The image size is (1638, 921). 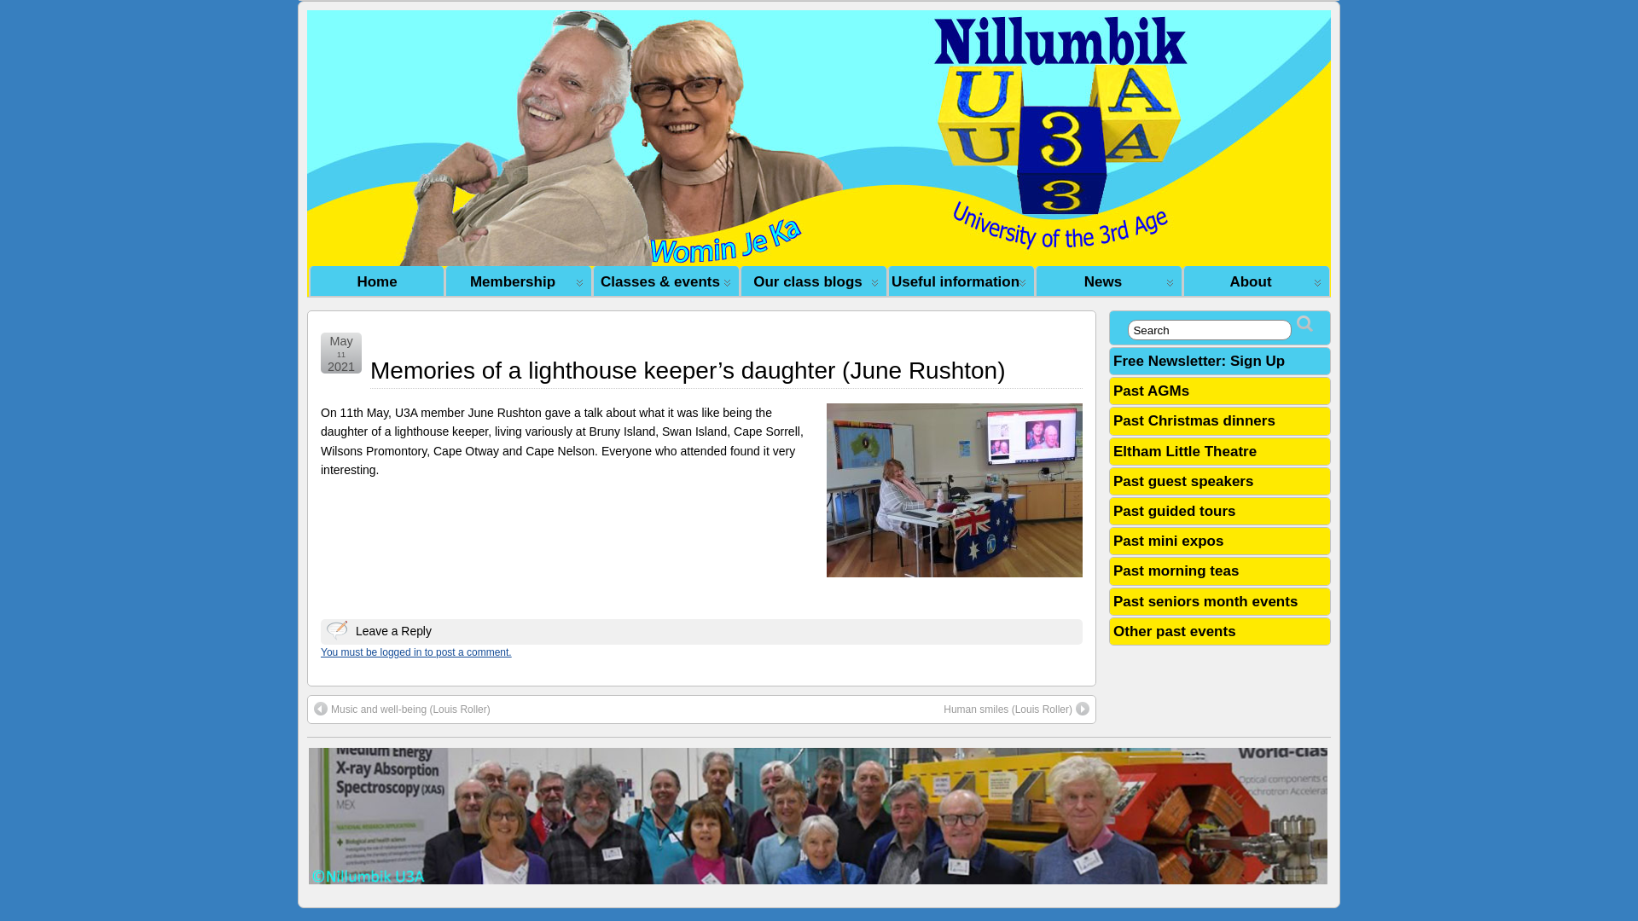 What do you see at coordinates (518, 281) in the screenshot?
I see `' Membership'` at bounding box center [518, 281].